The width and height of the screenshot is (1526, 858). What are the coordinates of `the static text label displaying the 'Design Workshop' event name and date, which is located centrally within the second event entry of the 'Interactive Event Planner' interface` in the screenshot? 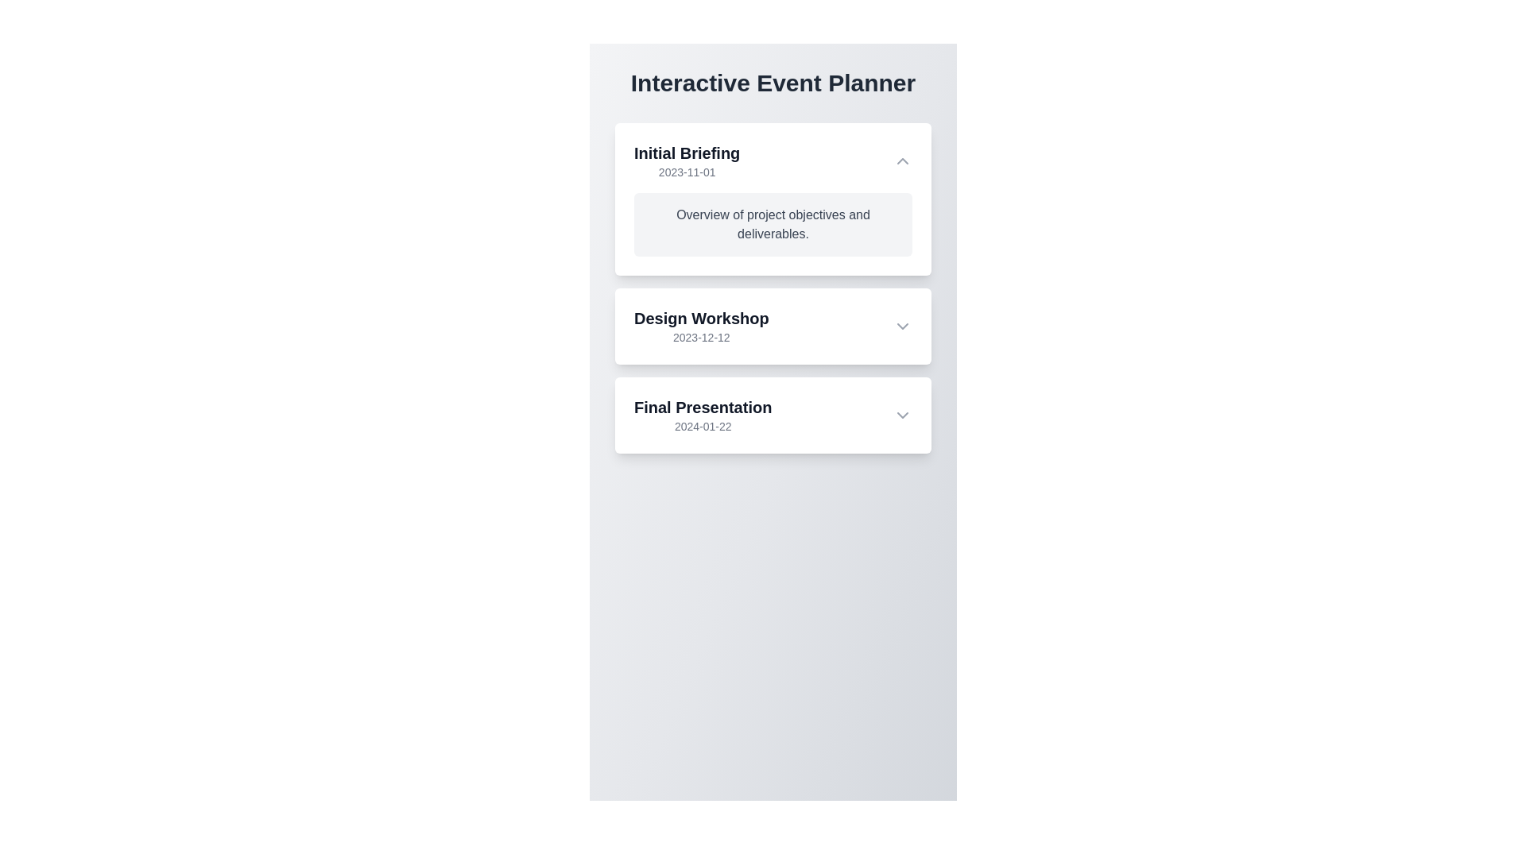 It's located at (700, 326).